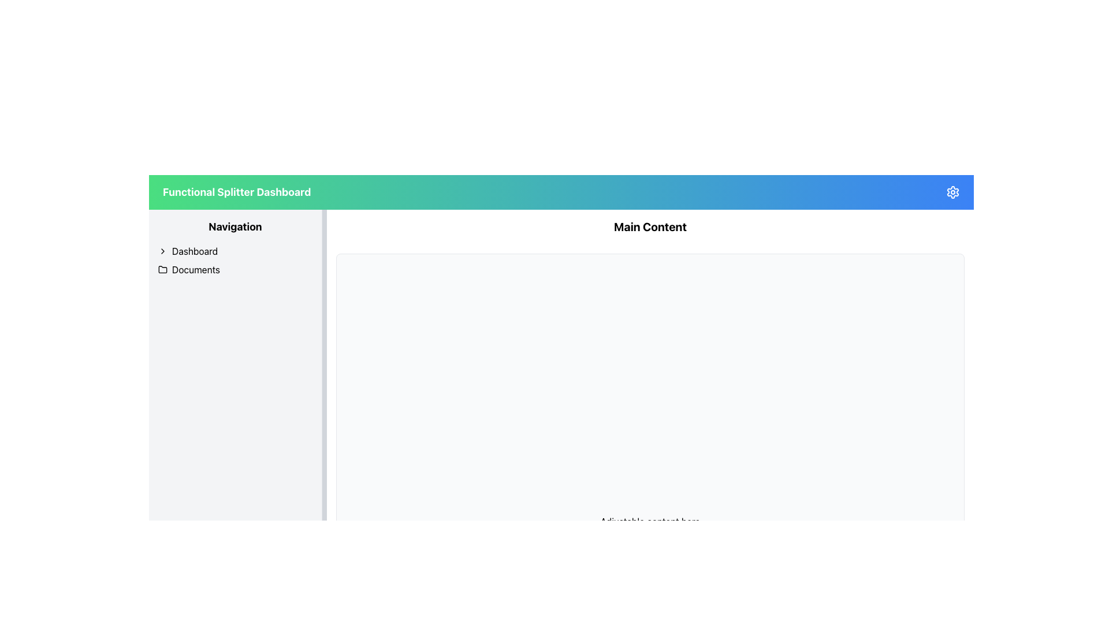  I want to click on bold text label 'Main Content' which is prominently displayed in the center of the header section, so click(650, 227).